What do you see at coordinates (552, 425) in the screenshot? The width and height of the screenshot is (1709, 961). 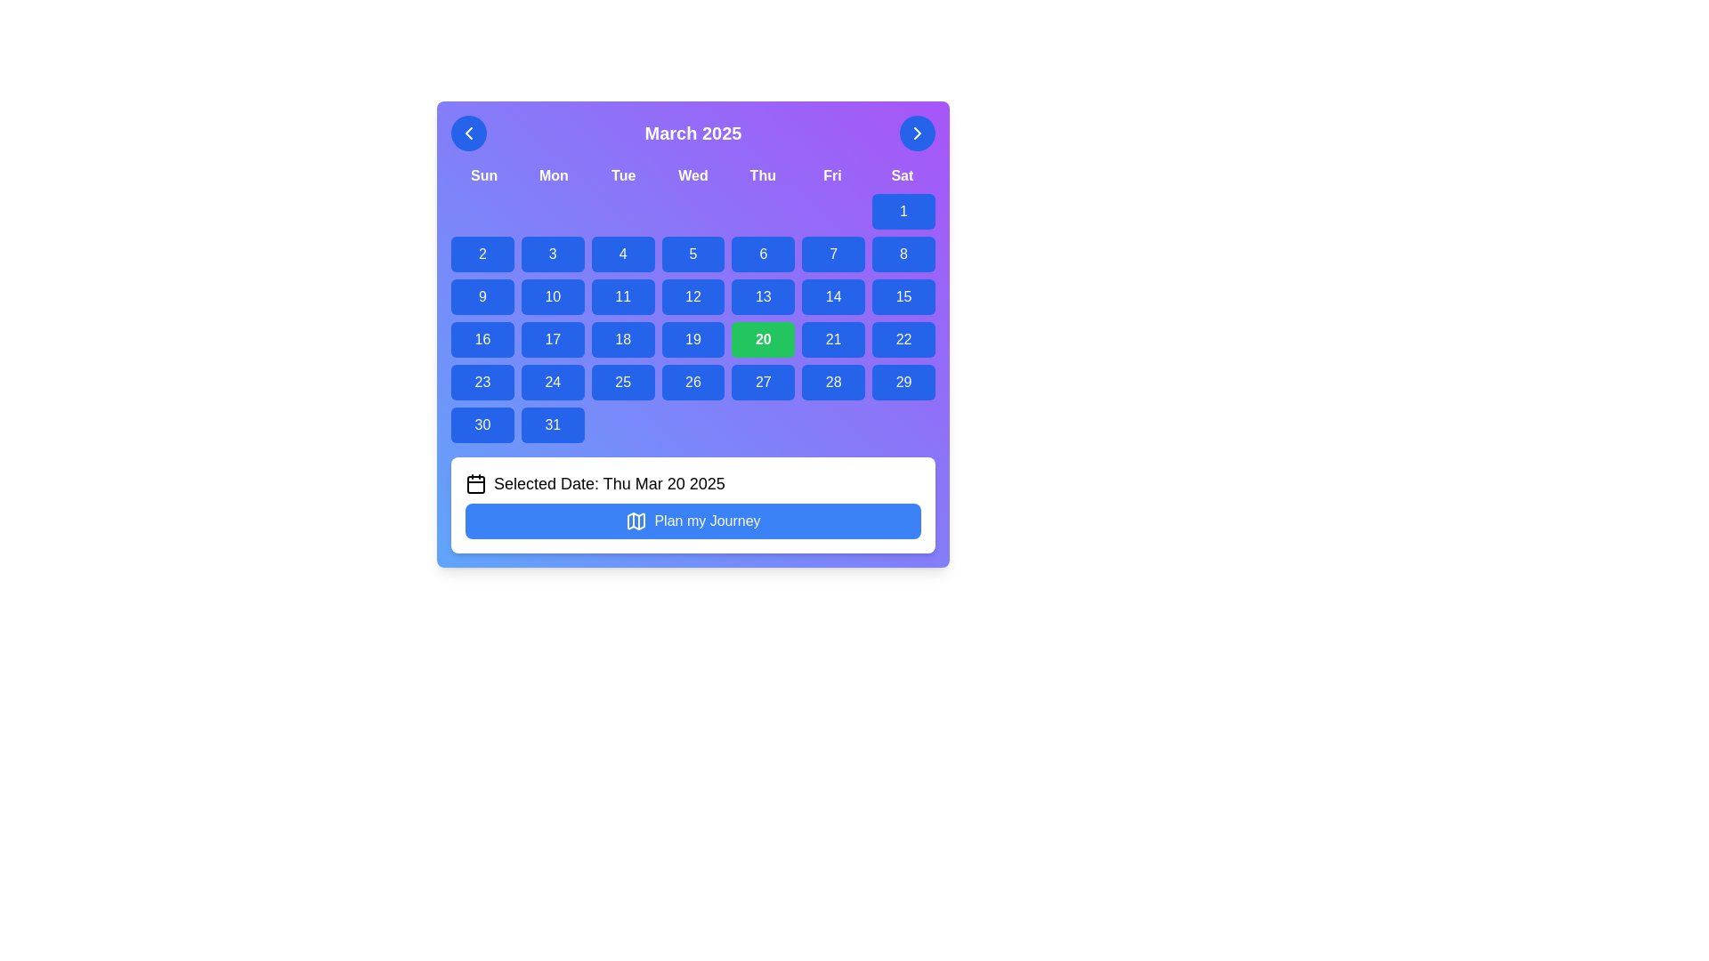 I see `the last day of the month button (31) in the calendar interface to trigger the hover state` at bounding box center [552, 425].